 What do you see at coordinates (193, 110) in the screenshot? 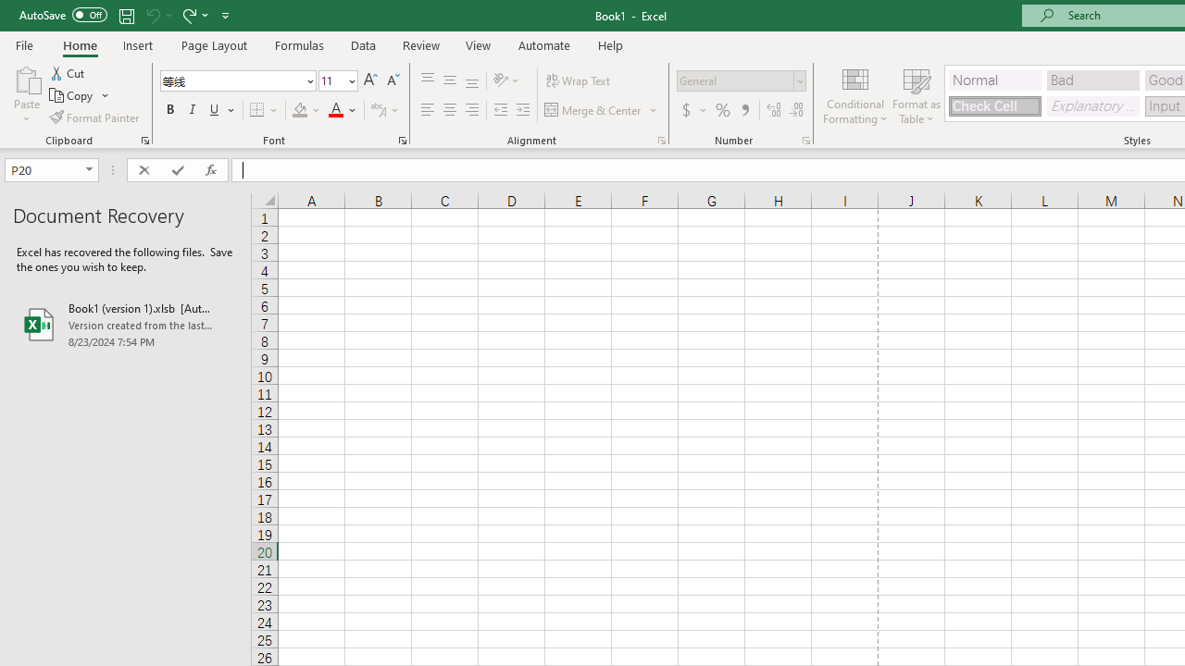
I see `'Italic'` at bounding box center [193, 110].